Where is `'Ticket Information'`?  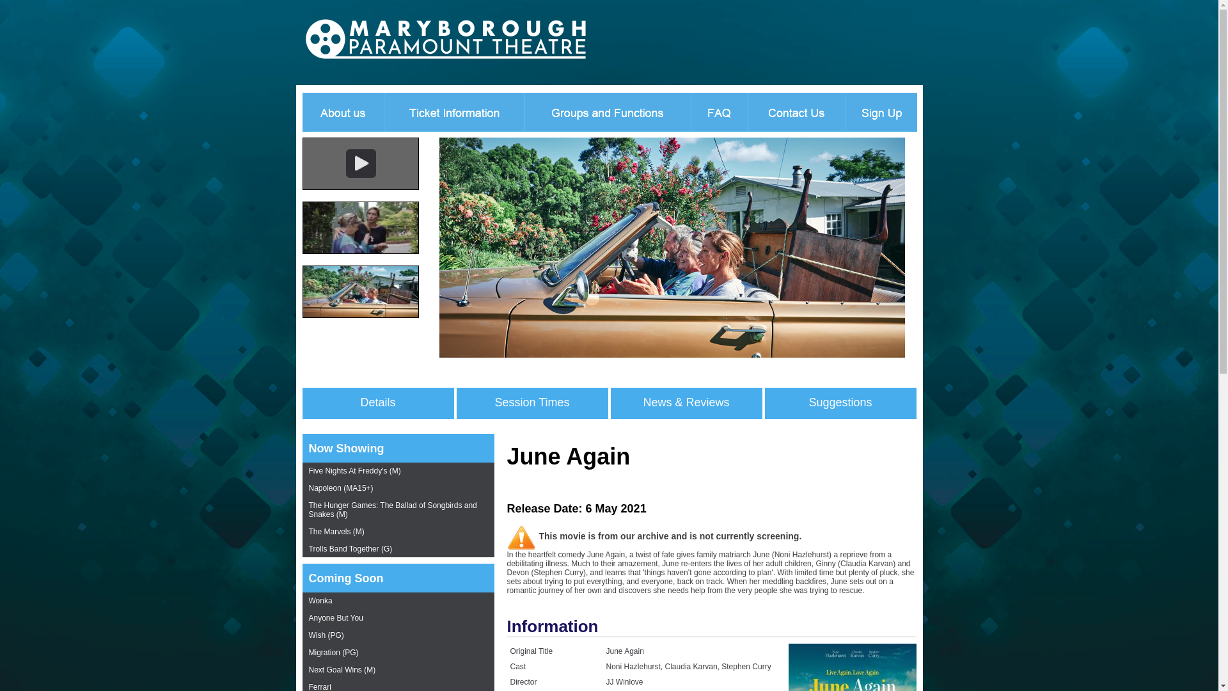 'Ticket Information' is located at coordinates (383, 110).